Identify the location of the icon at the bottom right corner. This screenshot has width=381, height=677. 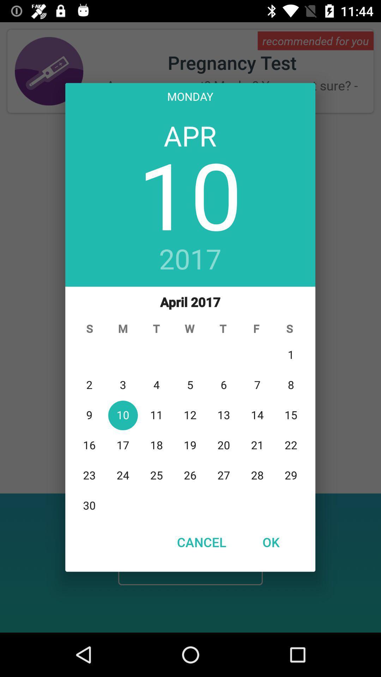
(270, 542).